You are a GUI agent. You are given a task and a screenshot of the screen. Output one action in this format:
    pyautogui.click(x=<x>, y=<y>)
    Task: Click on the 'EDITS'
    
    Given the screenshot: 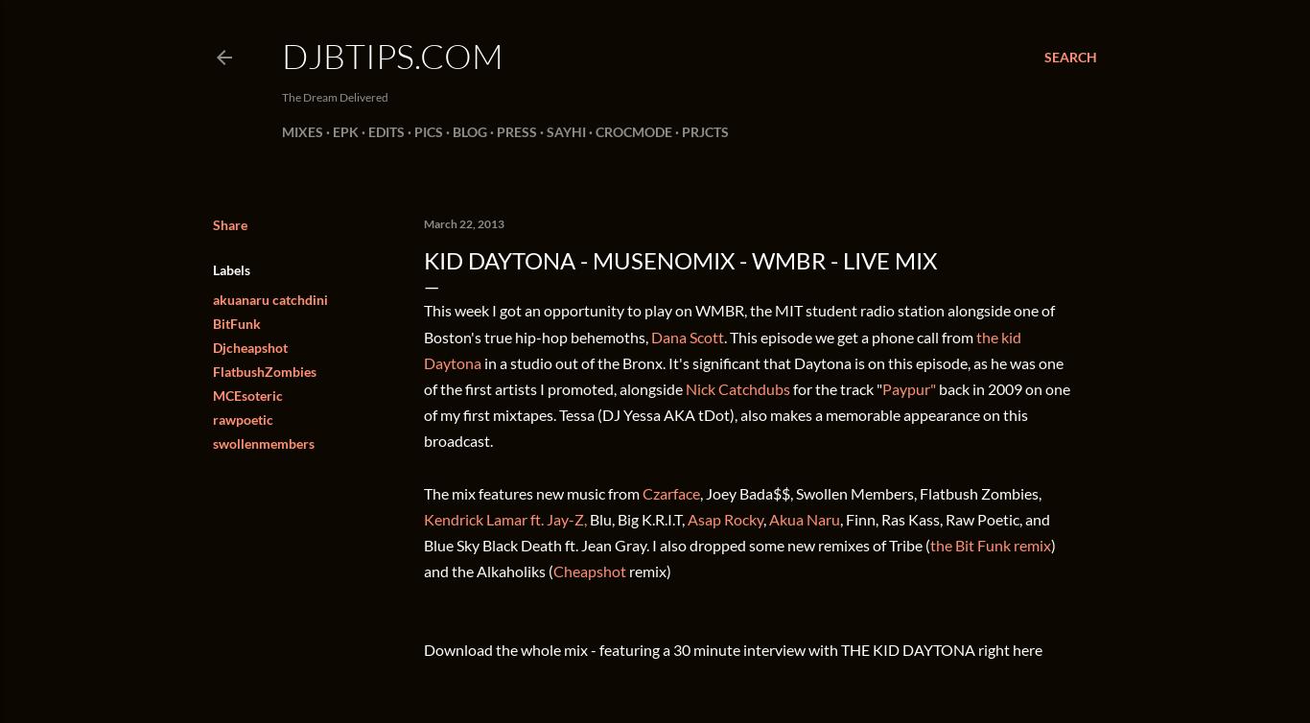 What is the action you would take?
    pyautogui.click(x=385, y=131)
    